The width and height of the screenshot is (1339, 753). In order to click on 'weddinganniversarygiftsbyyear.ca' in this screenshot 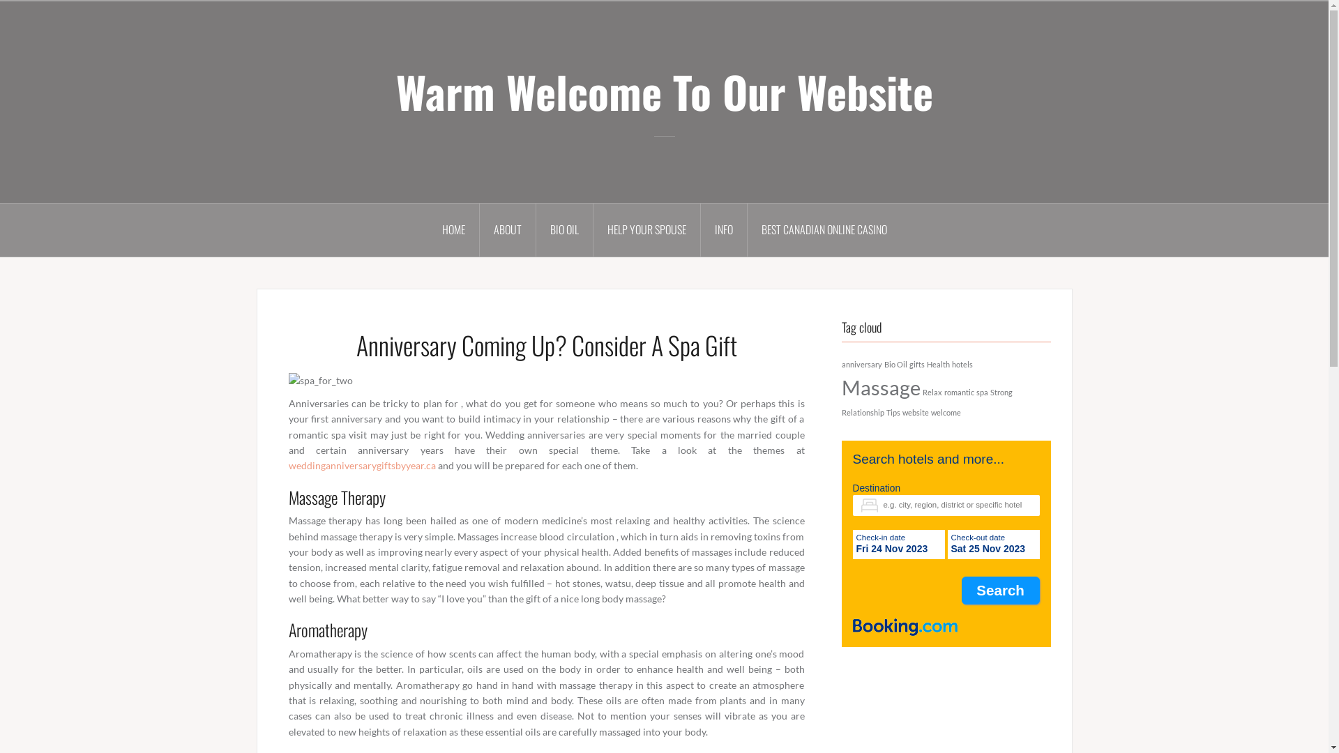, I will do `click(362, 465)`.